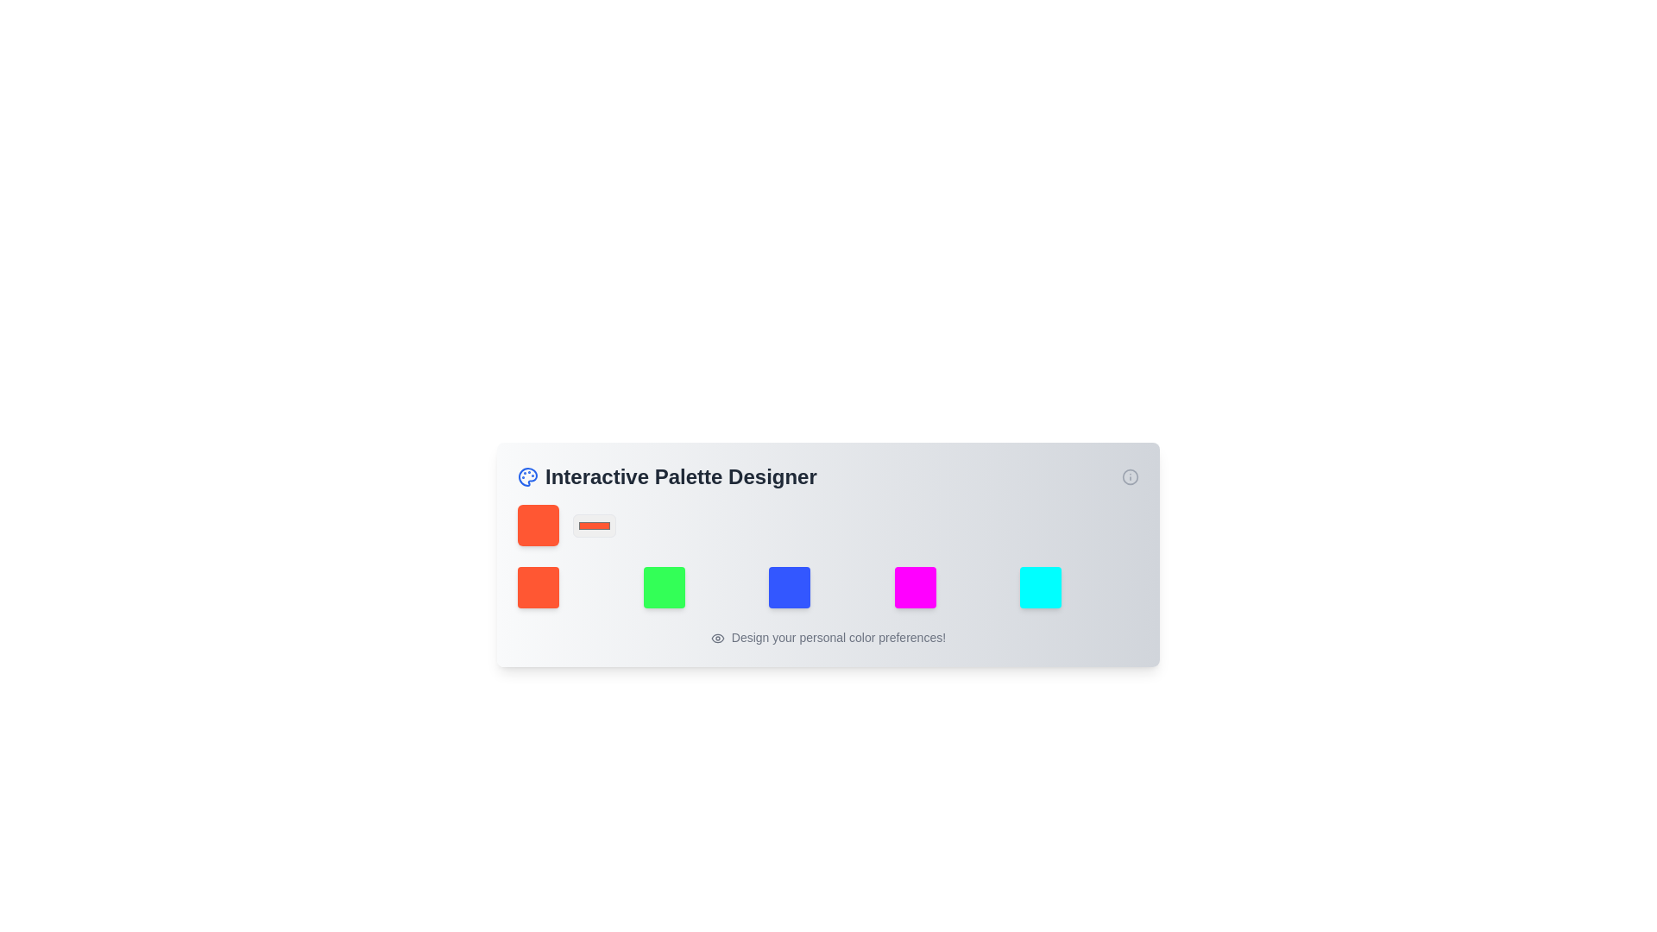 The image size is (1657, 932). Describe the element at coordinates (828, 587) in the screenshot. I see `a color cell in the Grid of color selectors located within the 'Interactive Palette Designer'` at that location.